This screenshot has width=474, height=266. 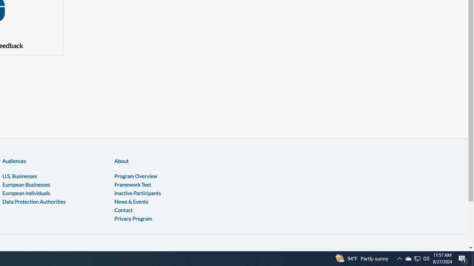 I want to click on 'Data Protection Authorities', so click(x=33, y=201).